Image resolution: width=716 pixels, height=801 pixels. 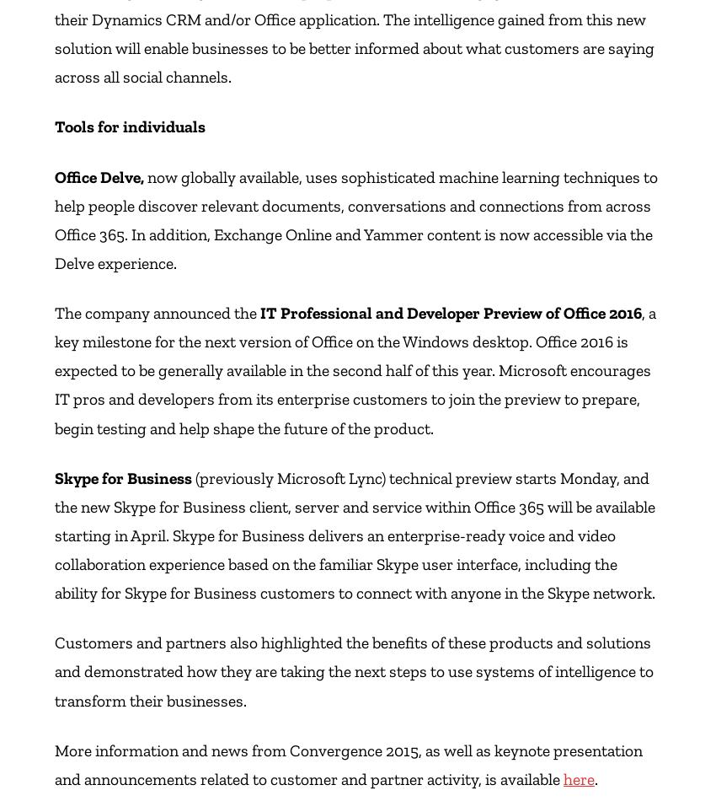 What do you see at coordinates (55, 477) in the screenshot?
I see `'Skype for Business'` at bounding box center [55, 477].